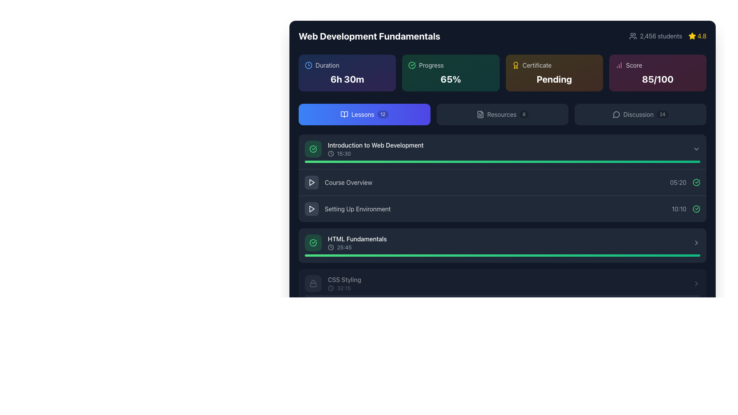 This screenshot has width=738, height=415. I want to click on the circular SVG element that is centered within the graphical award icon, which is small and bold, so click(515, 63).